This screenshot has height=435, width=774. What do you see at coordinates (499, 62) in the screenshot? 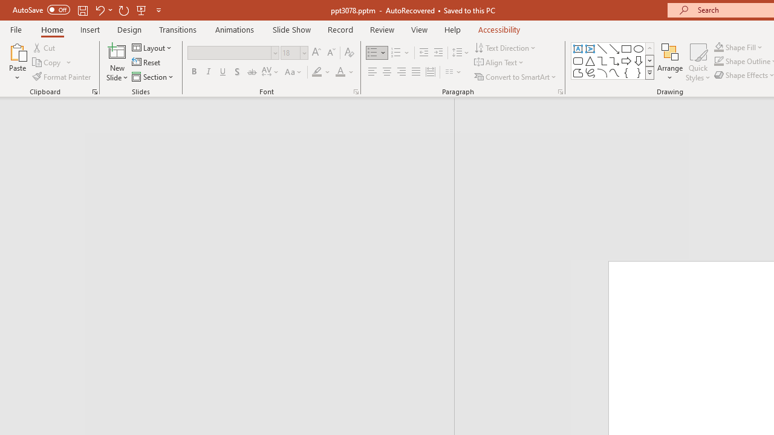
I see `'Align Text'` at bounding box center [499, 62].